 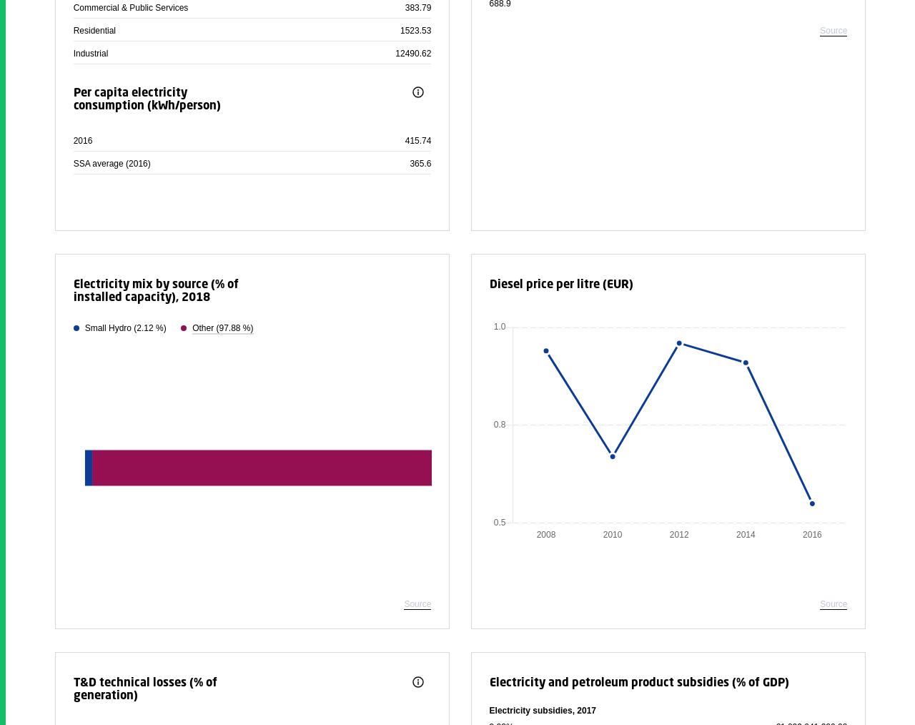 What do you see at coordinates (111, 162) in the screenshot?
I see `'SSA average (2016)'` at bounding box center [111, 162].